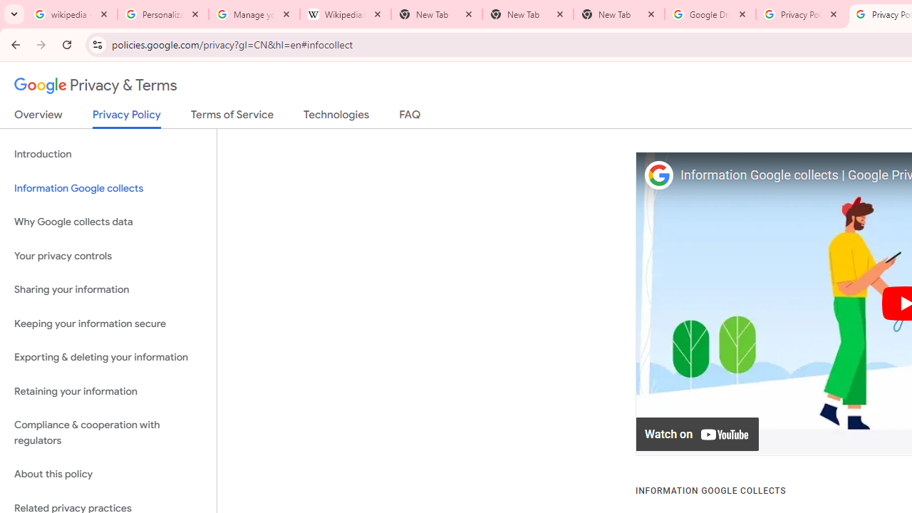 This screenshot has height=513, width=912. I want to click on 'Watch on YouTube', so click(698, 434).